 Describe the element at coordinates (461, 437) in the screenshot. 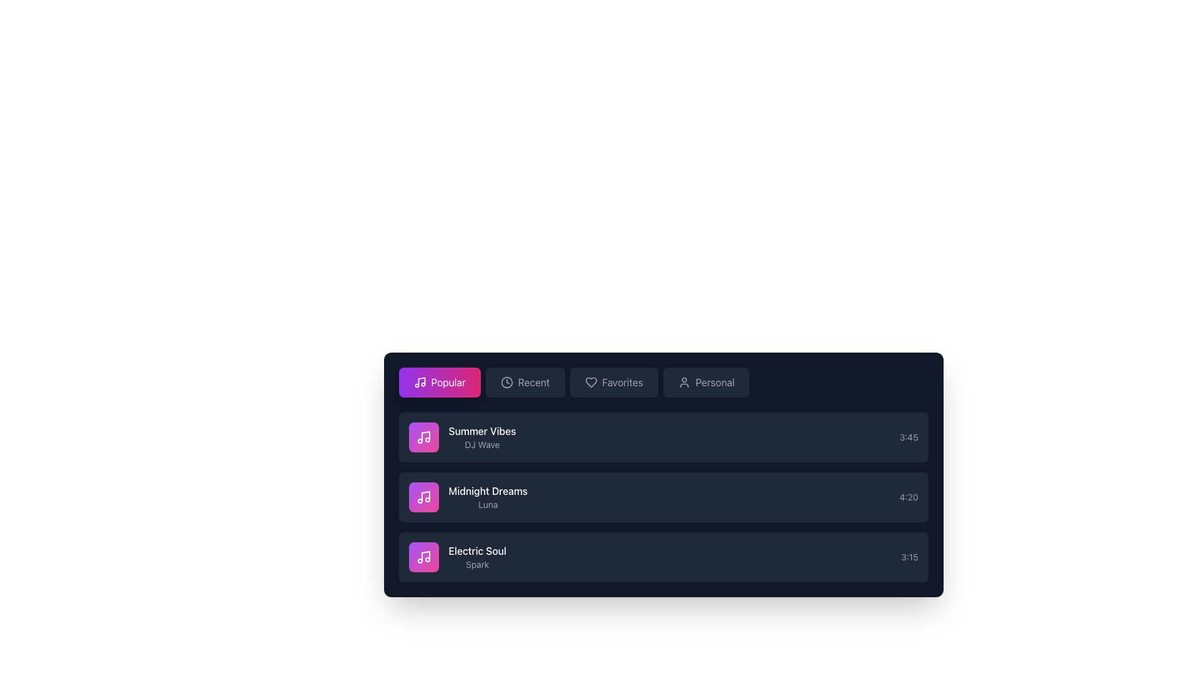

I see `the 'Summer Vibes' text block that displays 'DJ Wave'` at that location.